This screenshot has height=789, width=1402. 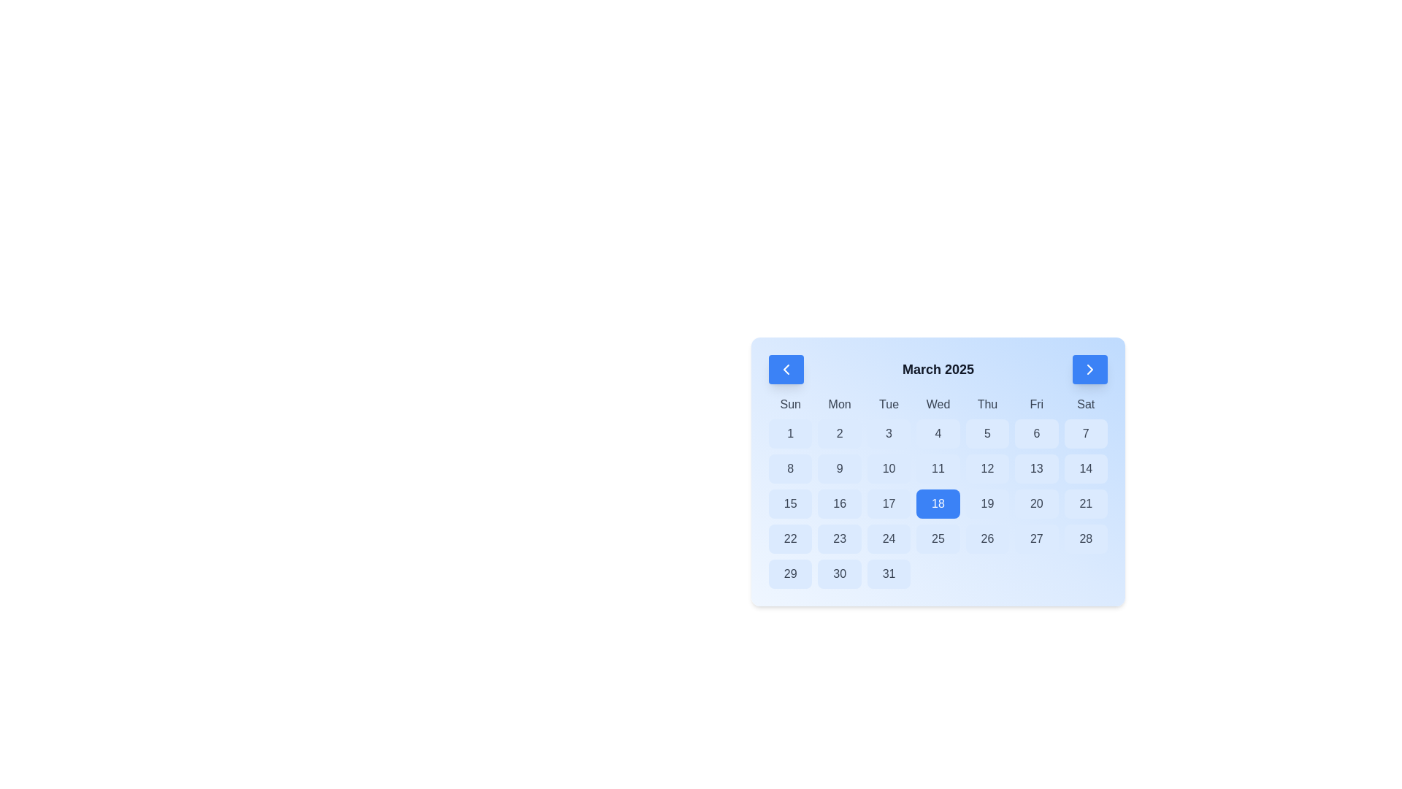 I want to click on the square-shaped button with rounded corners that has a blue background and displays the number '18', so click(x=938, y=503).